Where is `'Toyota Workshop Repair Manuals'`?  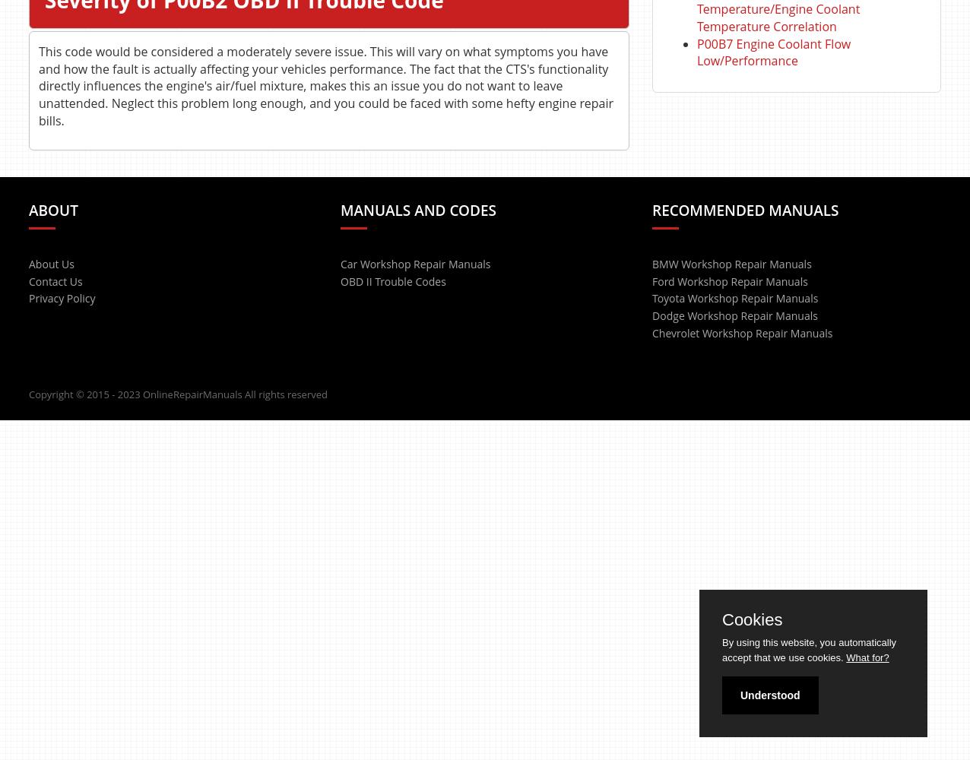
'Toyota Workshop Repair Manuals' is located at coordinates (734, 298).